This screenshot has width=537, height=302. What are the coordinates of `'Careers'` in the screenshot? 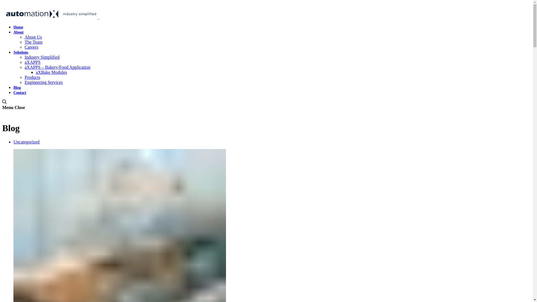 It's located at (24, 47).